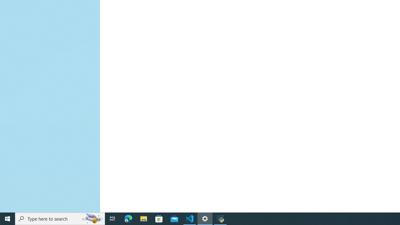 The width and height of the screenshot is (400, 225). Describe the element at coordinates (159, 218) in the screenshot. I see `'Microsoft Store'` at that location.